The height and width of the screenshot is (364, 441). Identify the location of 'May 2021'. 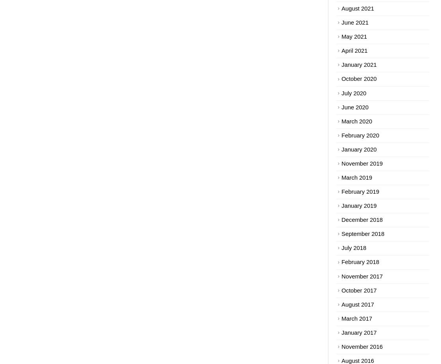
(341, 37).